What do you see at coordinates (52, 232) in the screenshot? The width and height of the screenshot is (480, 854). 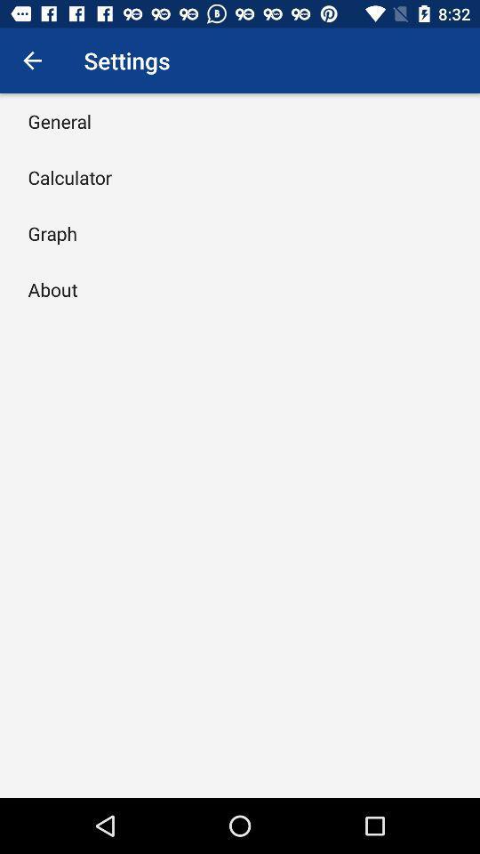 I see `item above the about icon` at bounding box center [52, 232].